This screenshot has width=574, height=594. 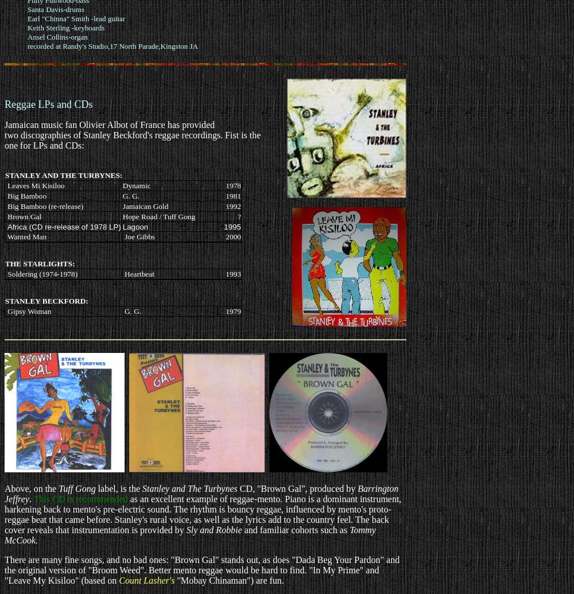 What do you see at coordinates (185, 529) in the screenshot?
I see `'Sly and 
		Robbie'` at bounding box center [185, 529].